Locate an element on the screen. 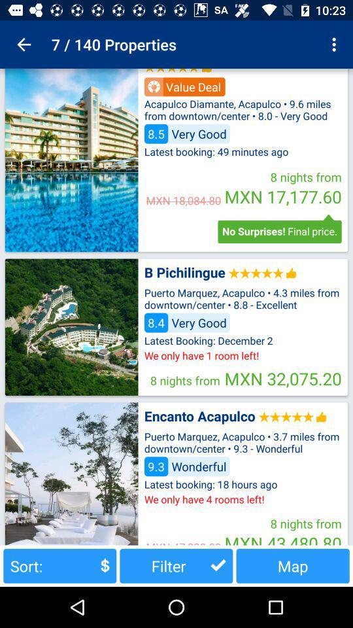 This screenshot has height=628, width=353. the item to the left of the filter is located at coordinates (59, 565).